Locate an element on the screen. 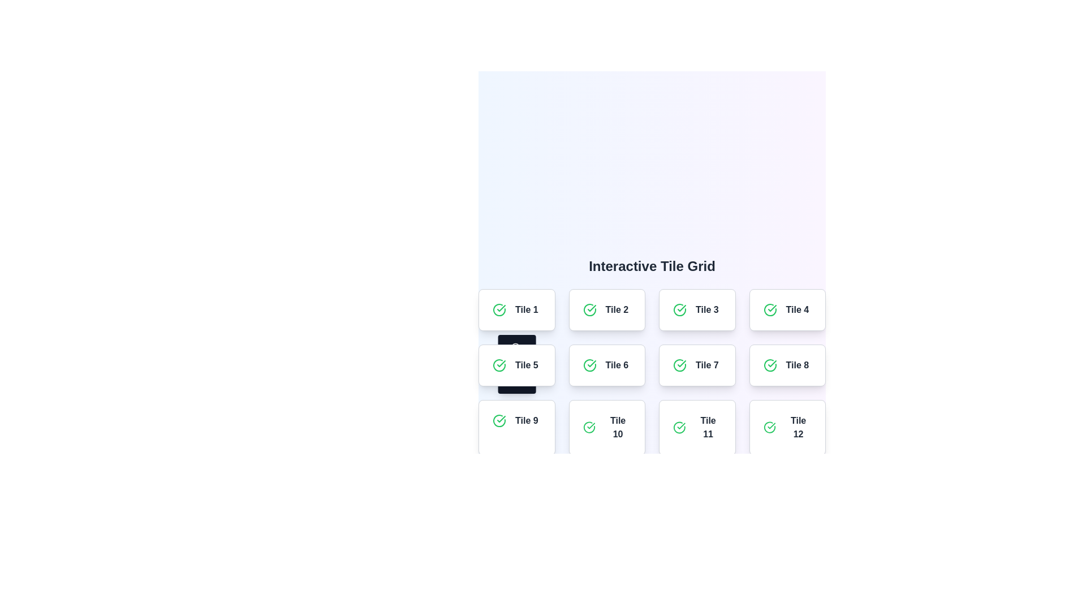 This screenshot has width=1086, height=611. the checkmark icon located inside the tile labeled 'Tile 5' is located at coordinates (499, 365).